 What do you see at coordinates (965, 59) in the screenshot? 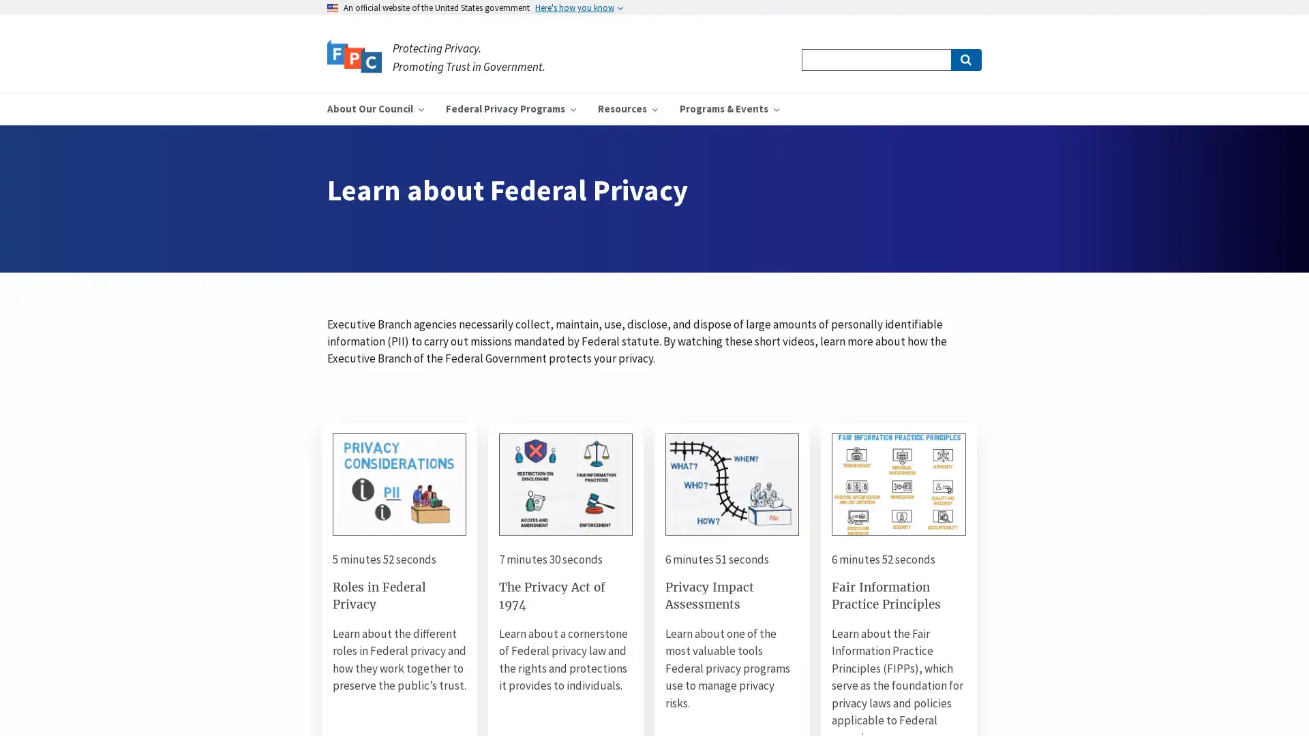
I see `Search` at bounding box center [965, 59].